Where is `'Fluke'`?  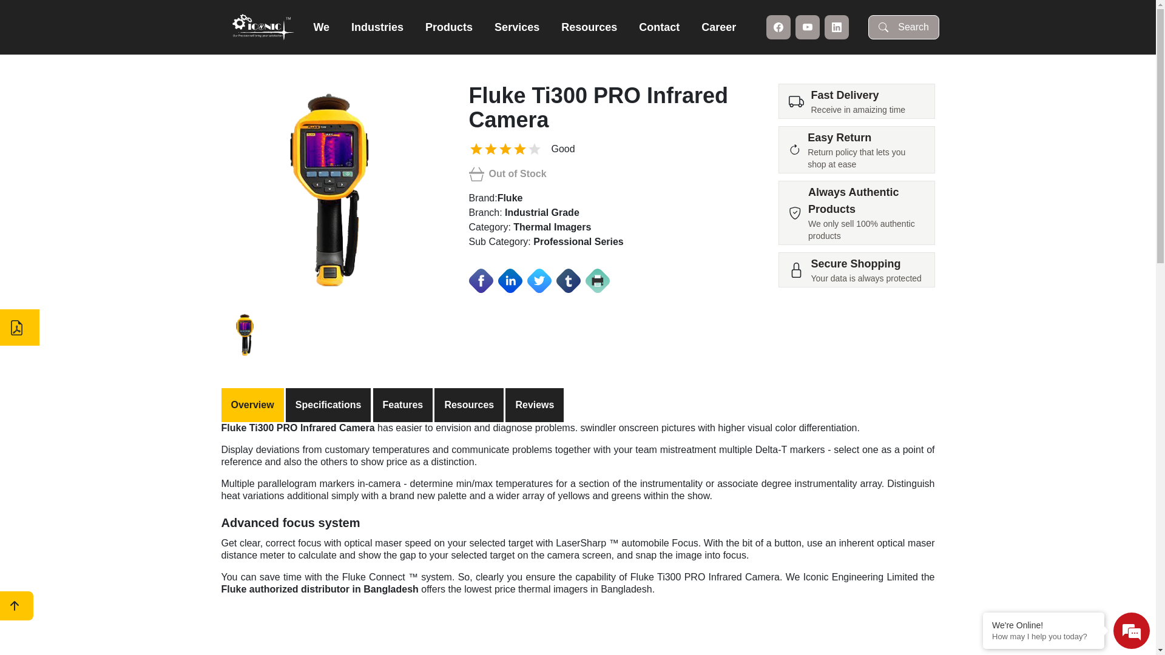 'Fluke' is located at coordinates (510, 197).